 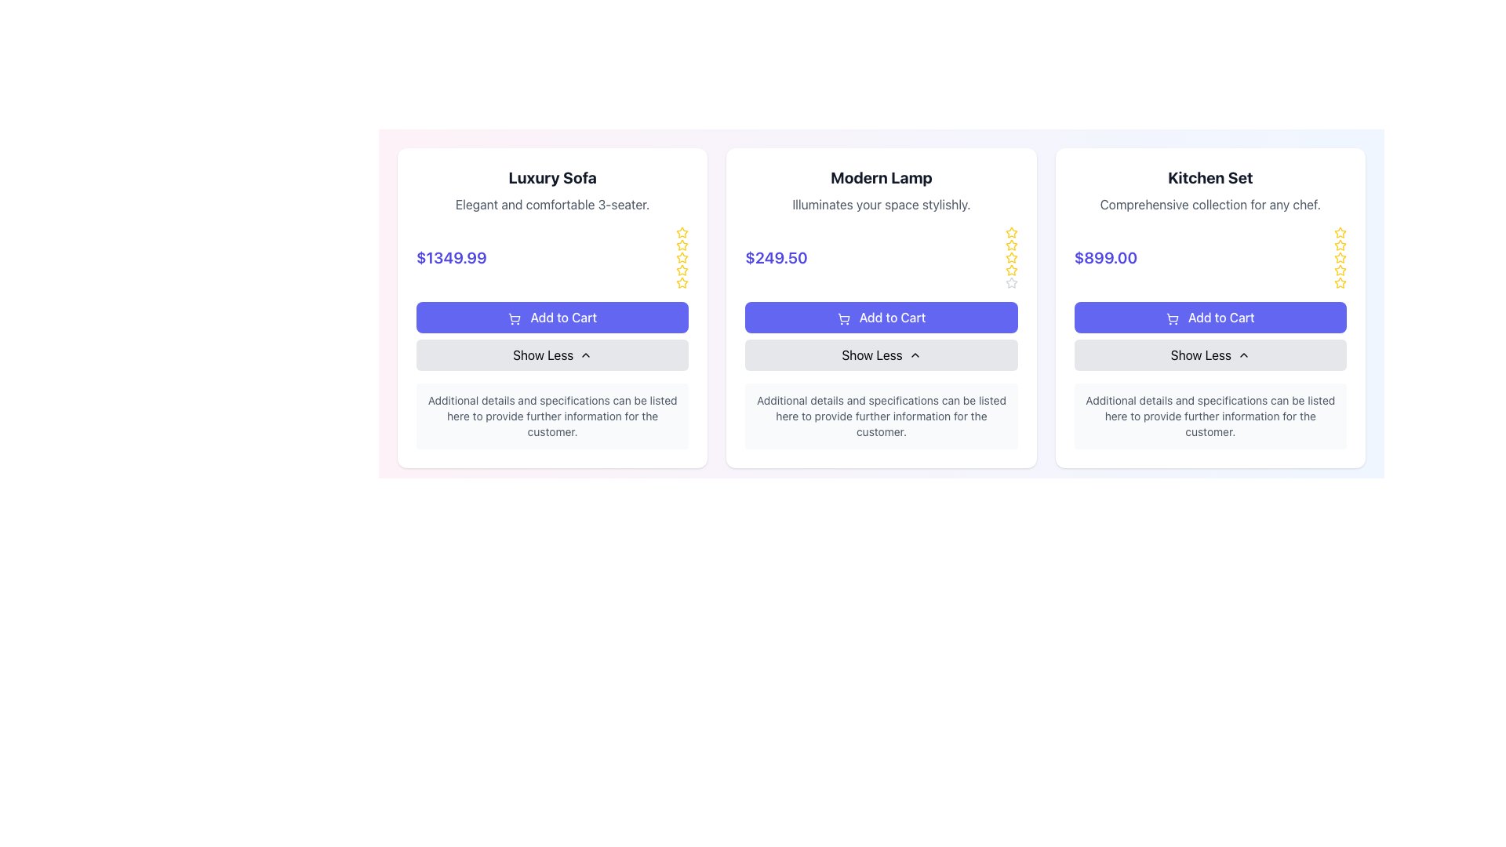 What do you see at coordinates (1339, 232) in the screenshot?
I see `the first star rating icon in the rating section of the 'Kitchen Set' product card to assign a one-star rating` at bounding box center [1339, 232].